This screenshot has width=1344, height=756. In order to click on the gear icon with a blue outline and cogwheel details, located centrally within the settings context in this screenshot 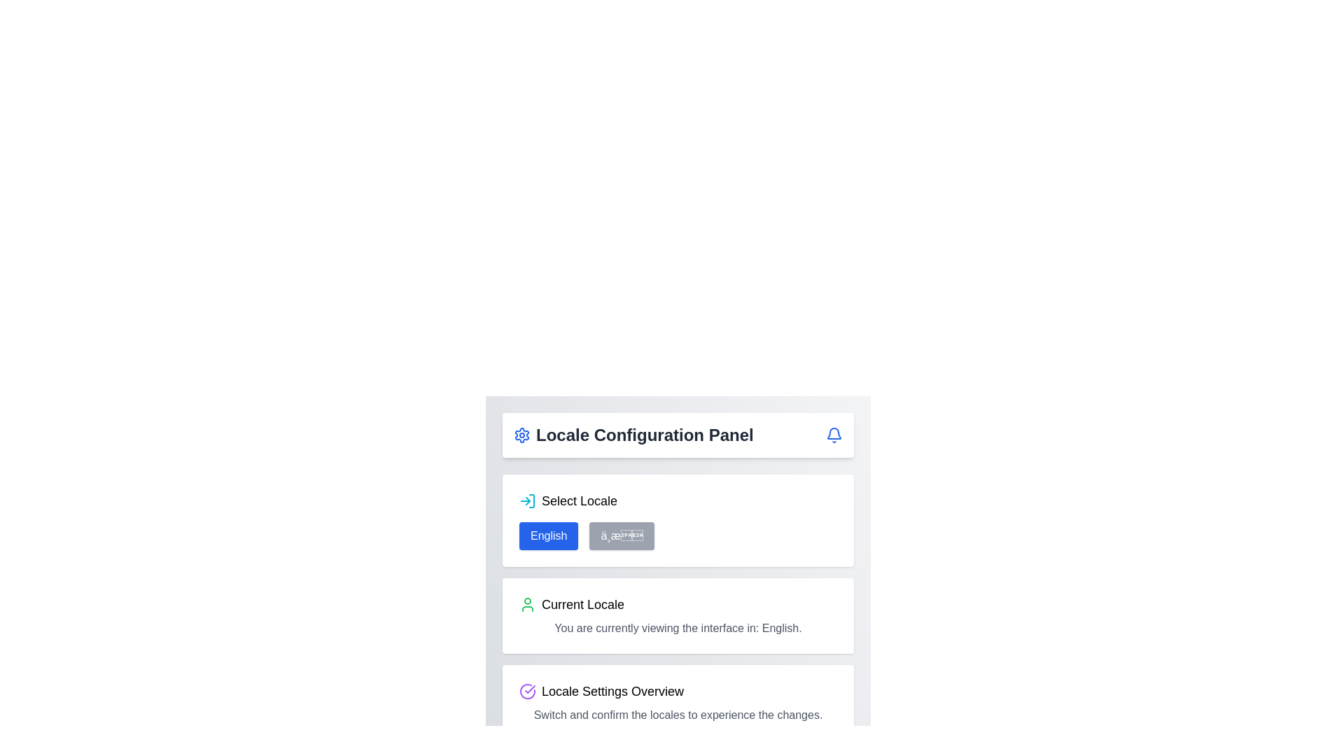, I will do `click(521, 434)`.